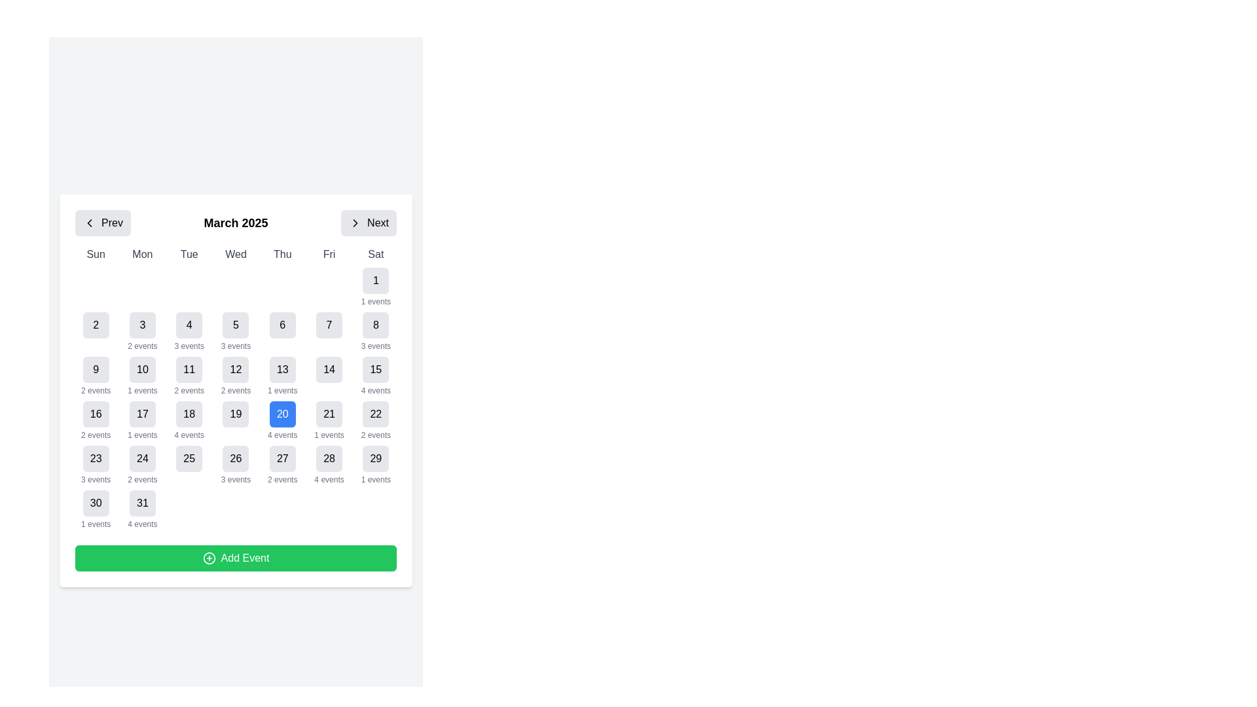 The image size is (1257, 707). What do you see at coordinates (95, 421) in the screenshot?
I see `the Date cell displaying '16' in bold within the calendar grid` at bounding box center [95, 421].